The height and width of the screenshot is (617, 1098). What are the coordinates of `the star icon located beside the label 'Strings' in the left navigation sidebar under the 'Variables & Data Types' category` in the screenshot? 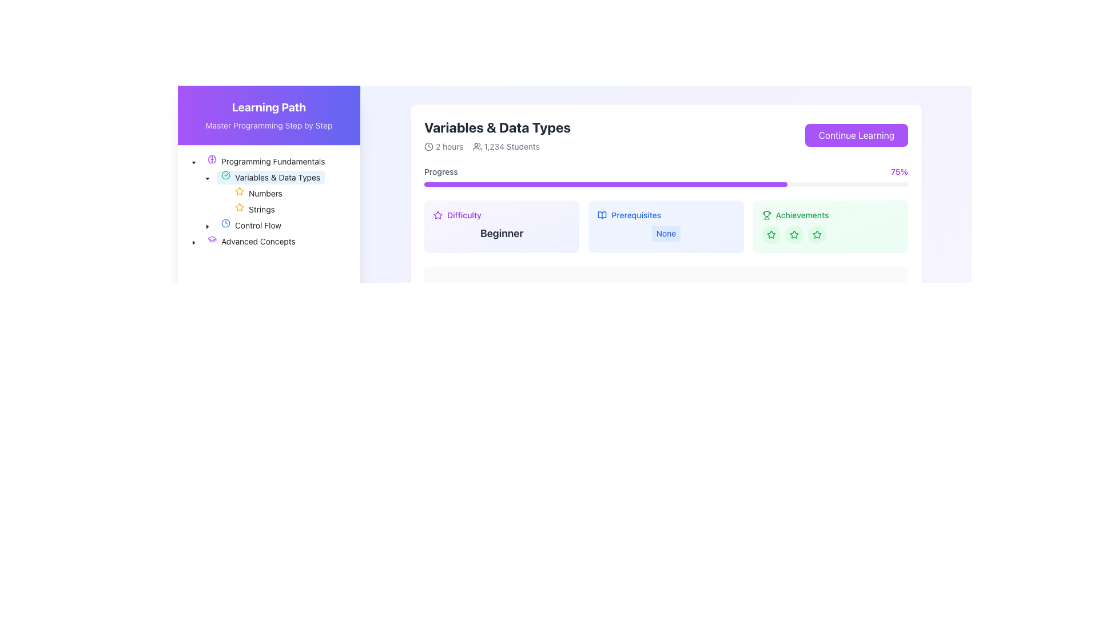 It's located at (241, 209).